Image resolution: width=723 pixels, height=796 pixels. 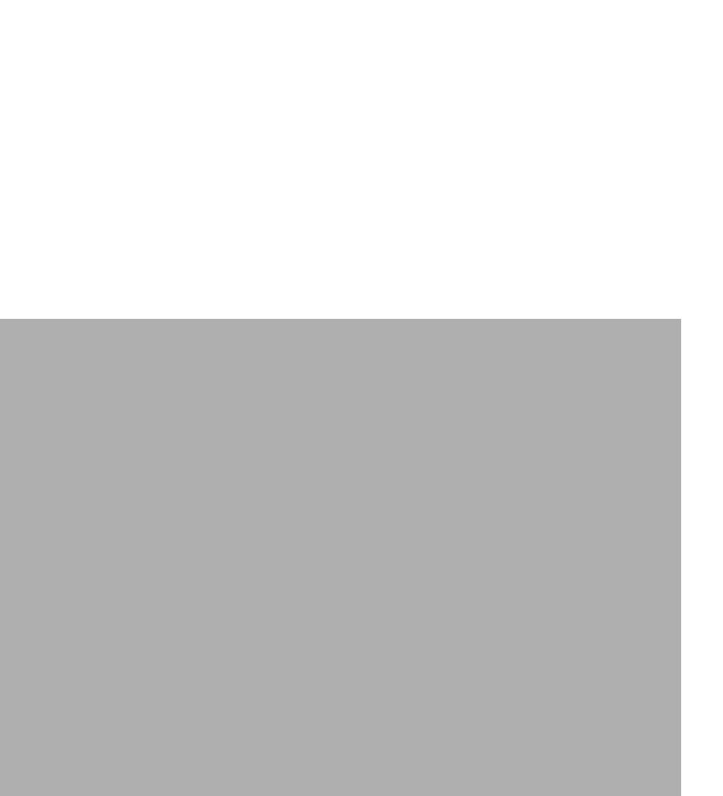 What do you see at coordinates (153, 567) in the screenshot?
I see `'Free Studio Utilities'` at bounding box center [153, 567].